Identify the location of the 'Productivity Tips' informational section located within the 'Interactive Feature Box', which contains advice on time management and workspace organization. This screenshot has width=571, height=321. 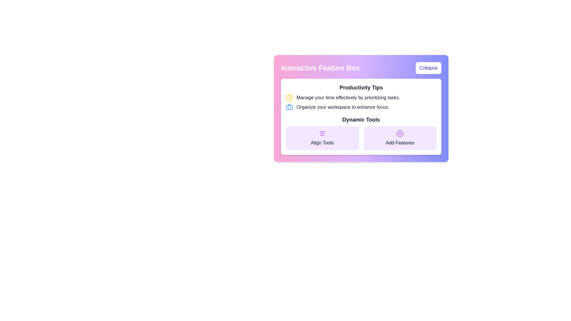
(361, 97).